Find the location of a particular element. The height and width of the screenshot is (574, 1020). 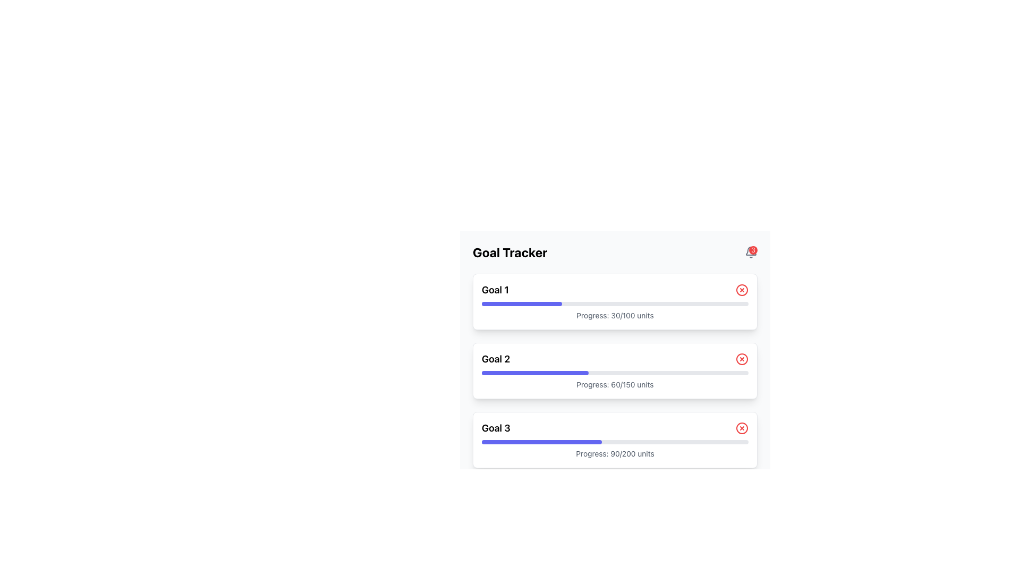

the button located at the top-right corner of the 'Goal 1' box is located at coordinates (741, 290).